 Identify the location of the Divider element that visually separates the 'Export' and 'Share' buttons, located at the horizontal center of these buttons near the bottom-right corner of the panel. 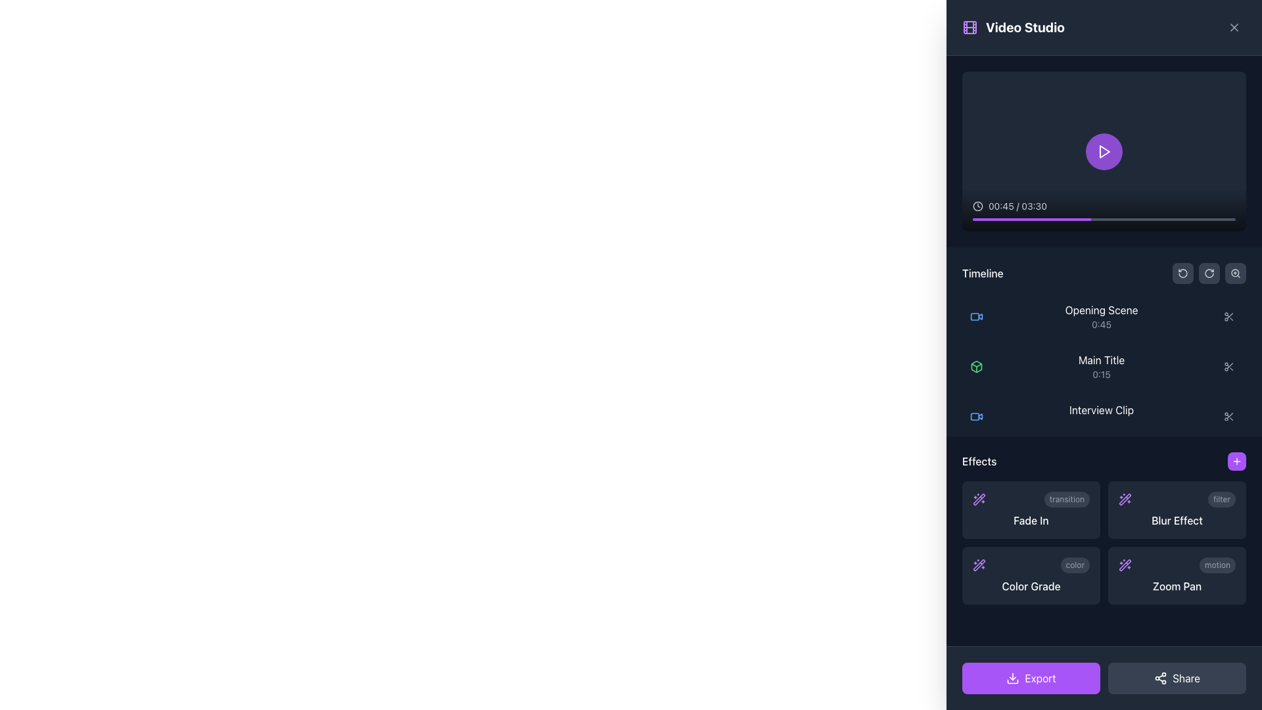
(1104, 678).